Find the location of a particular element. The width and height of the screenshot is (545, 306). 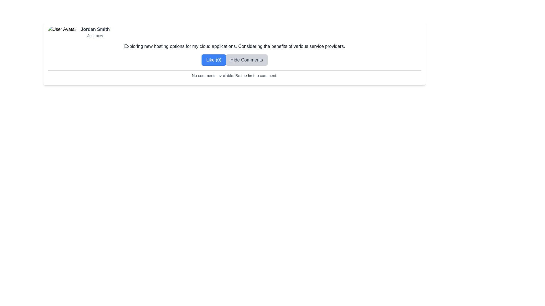

the static text element displaying 'Exploring new hosting options for my cloud applications. Considering the benefits of various service providers.' is located at coordinates (234, 46).